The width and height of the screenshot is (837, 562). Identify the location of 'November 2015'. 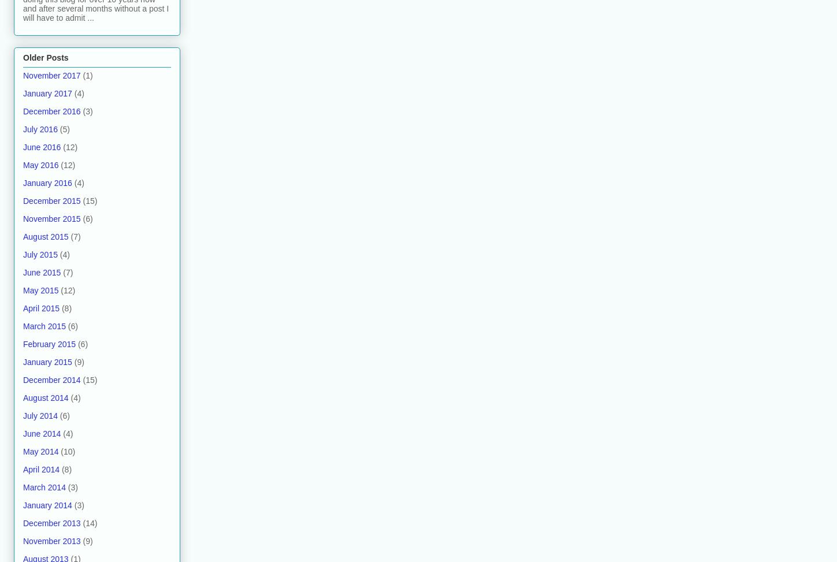
(23, 218).